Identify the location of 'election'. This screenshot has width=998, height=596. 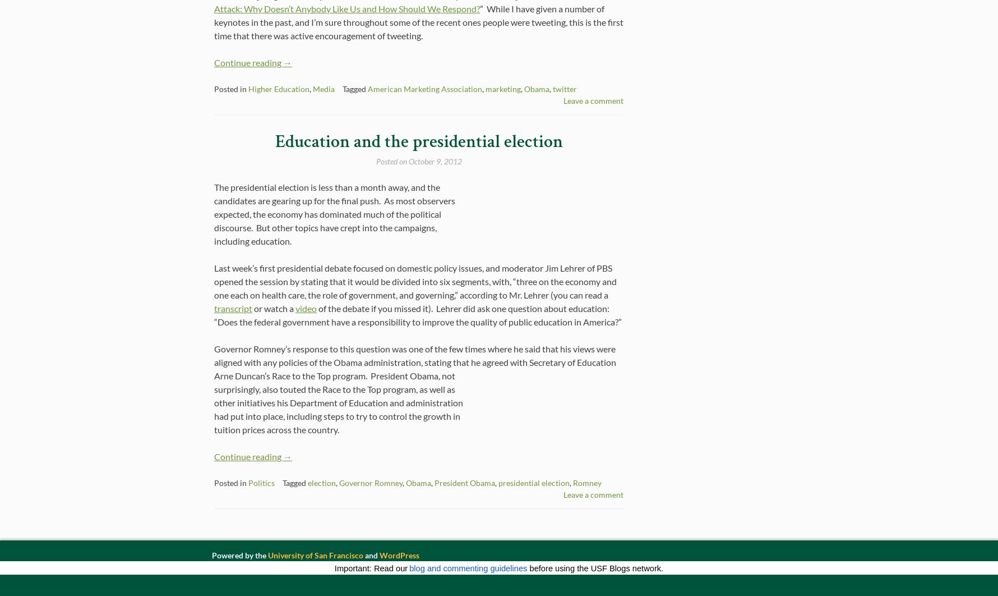
(321, 482).